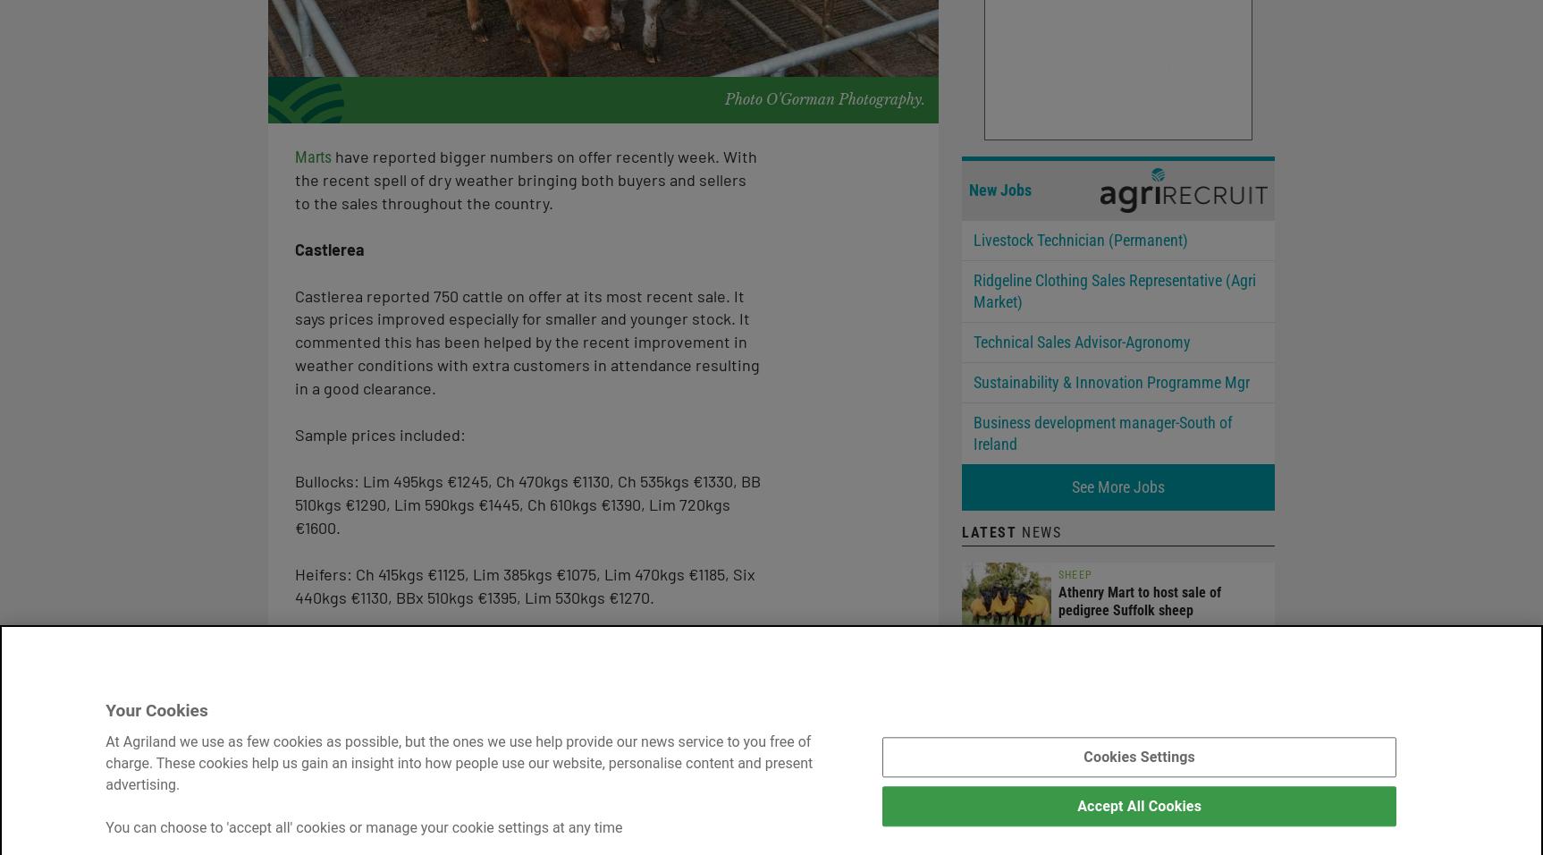 Image resolution: width=1543 pixels, height=855 pixels. Describe the element at coordinates (526, 178) in the screenshot. I see `'have reported bigger numbers on offer recently week. With the recent spell of dry weather bringing both buyers and sellers to the sales throughout the country.'` at that location.